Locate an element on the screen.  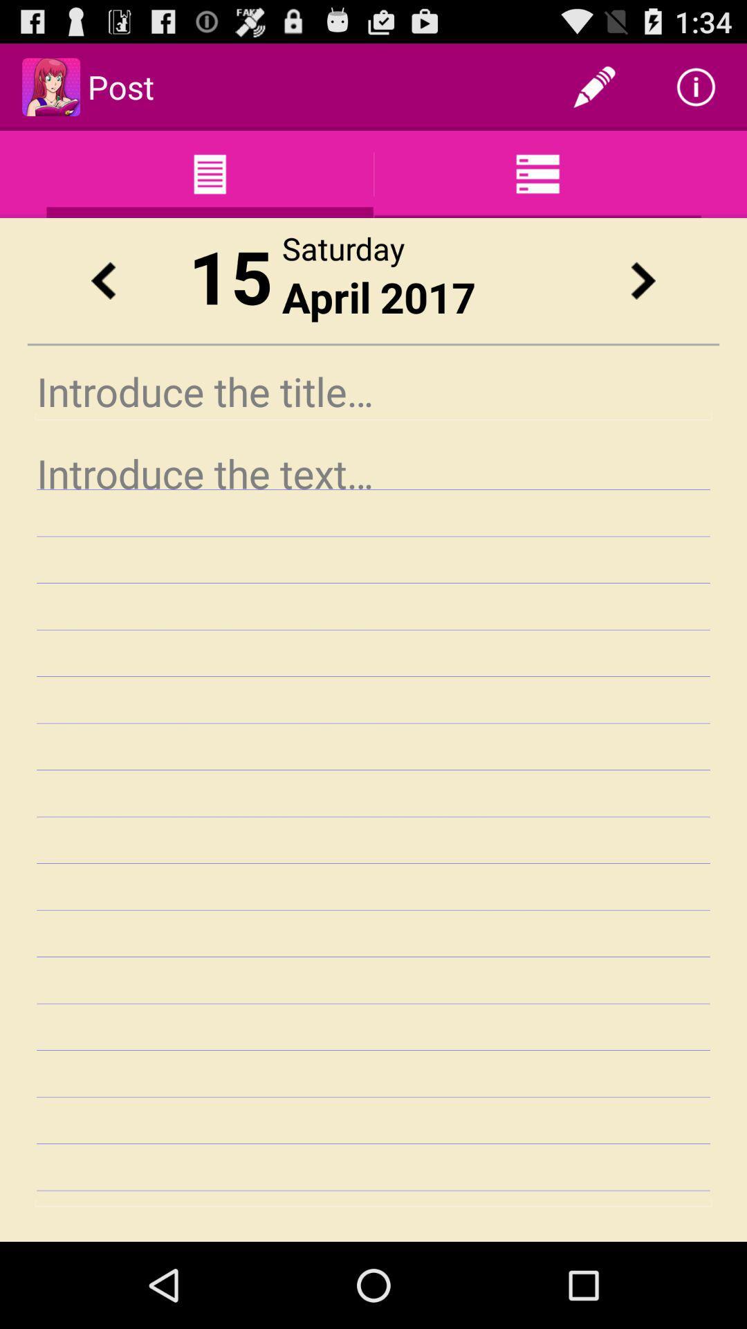
move to the next date is located at coordinates (643, 280).